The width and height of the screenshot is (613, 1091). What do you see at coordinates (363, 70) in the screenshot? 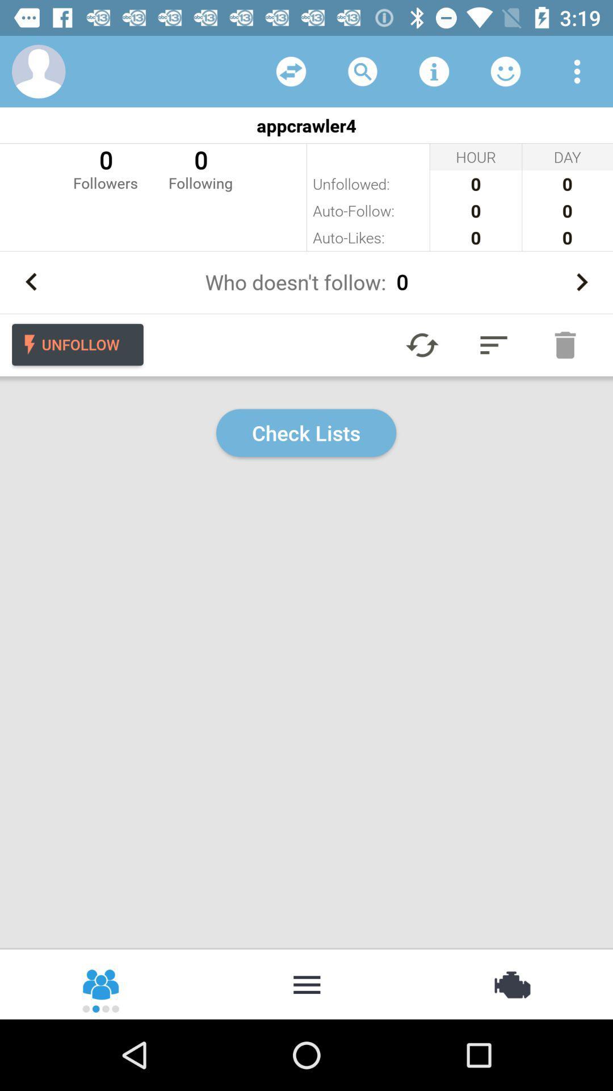
I see `search button` at bounding box center [363, 70].